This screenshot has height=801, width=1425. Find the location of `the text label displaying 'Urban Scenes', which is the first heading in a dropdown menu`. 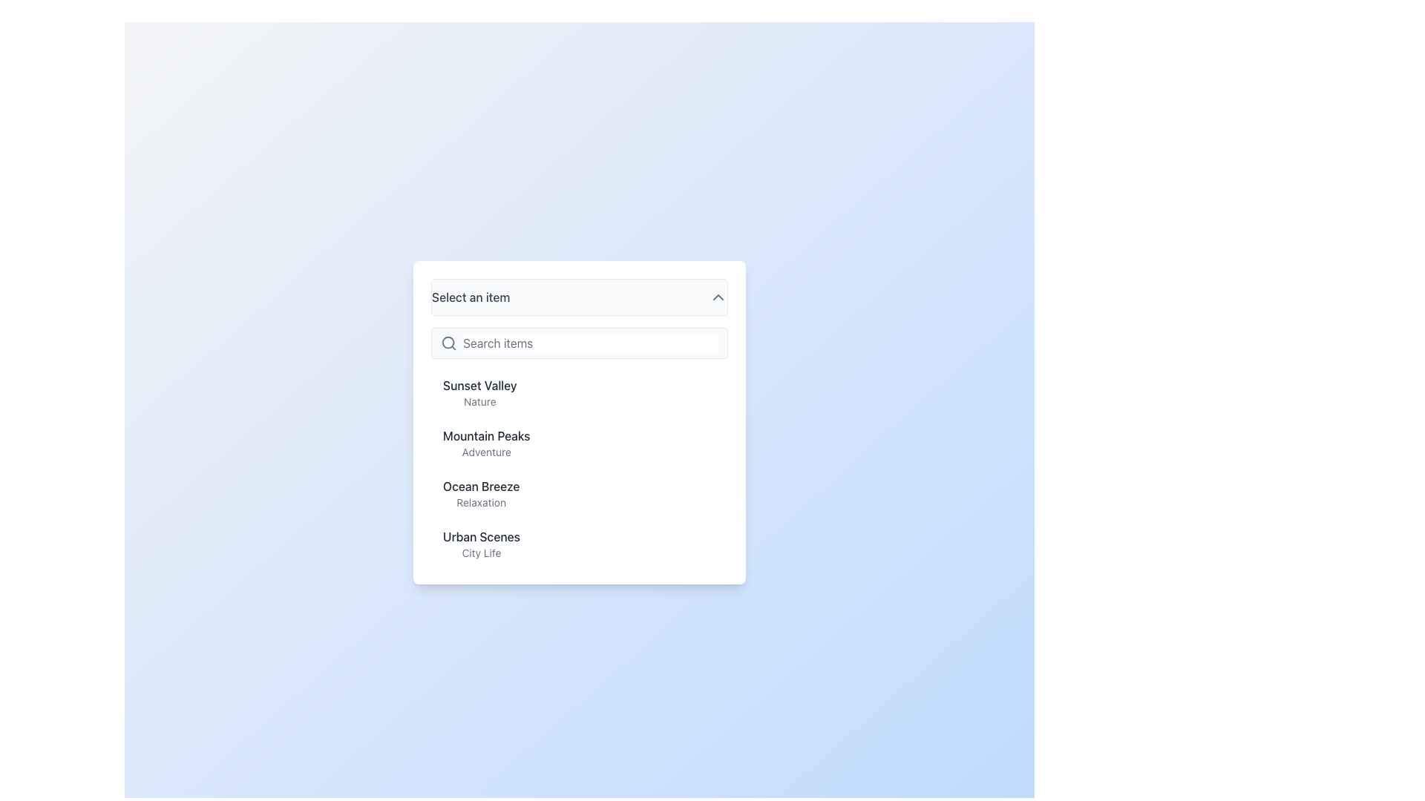

the text label displaying 'Urban Scenes', which is the first heading in a dropdown menu is located at coordinates (481, 537).